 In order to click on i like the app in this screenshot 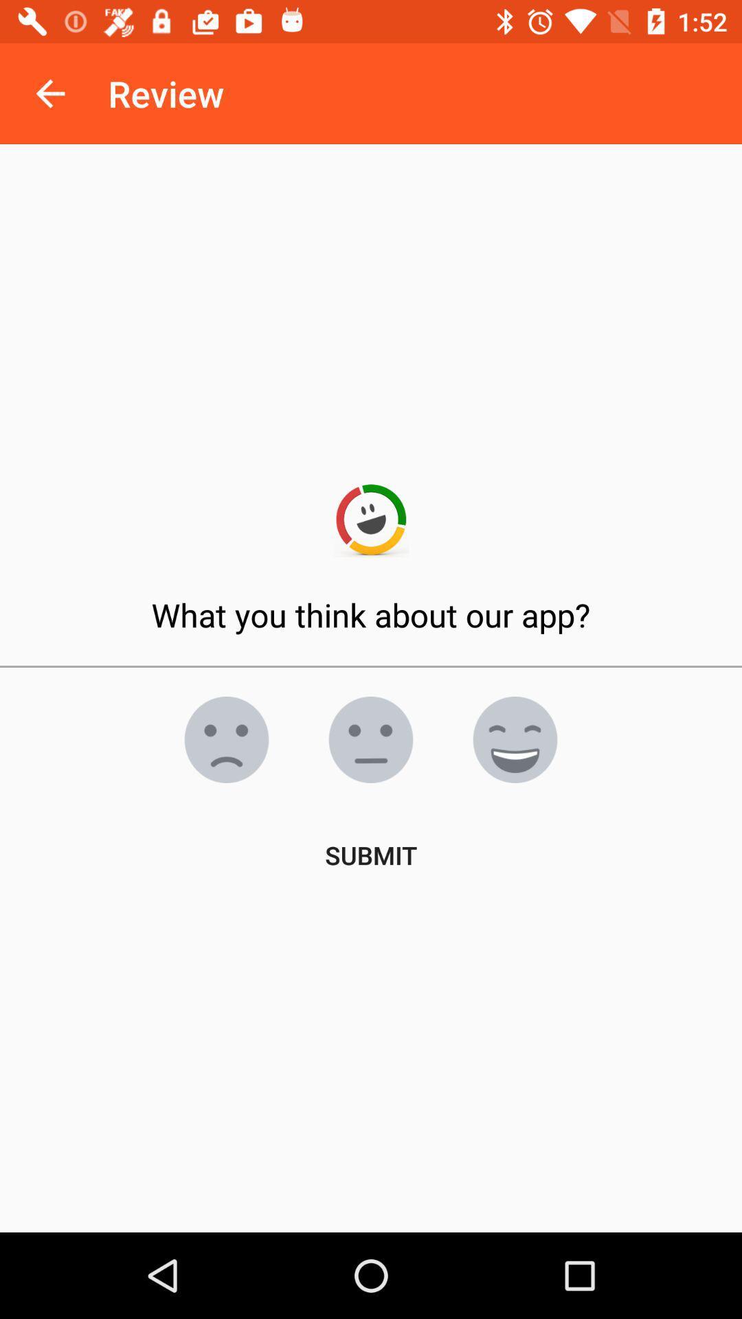, I will do `click(515, 739)`.